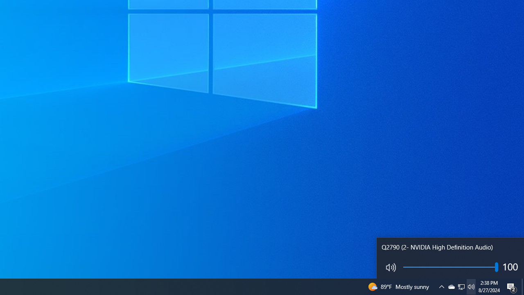  I want to click on 'Q2790 (2- NVIDIA High Definition Audio)', so click(450, 258).